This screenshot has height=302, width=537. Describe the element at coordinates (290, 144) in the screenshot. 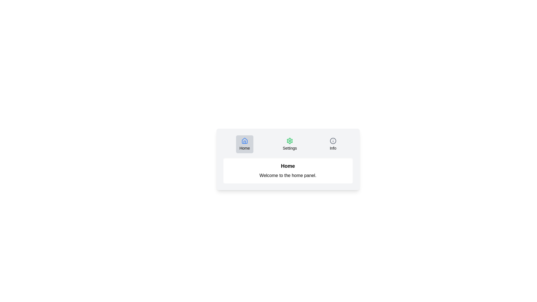

I see `the tab icon labeled Settings to inspect its information` at that location.